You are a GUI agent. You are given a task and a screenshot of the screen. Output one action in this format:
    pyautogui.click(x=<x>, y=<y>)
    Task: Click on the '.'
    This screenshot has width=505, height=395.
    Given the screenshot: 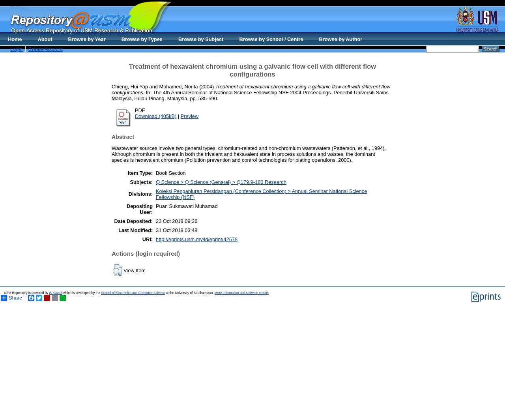 What is the action you would take?
    pyautogui.click(x=269, y=293)
    